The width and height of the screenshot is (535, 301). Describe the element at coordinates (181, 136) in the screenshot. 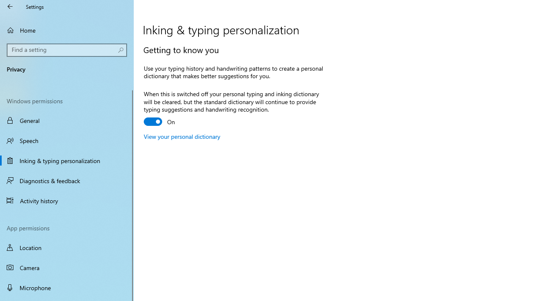

I see `'View your personal dictionary'` at that location.